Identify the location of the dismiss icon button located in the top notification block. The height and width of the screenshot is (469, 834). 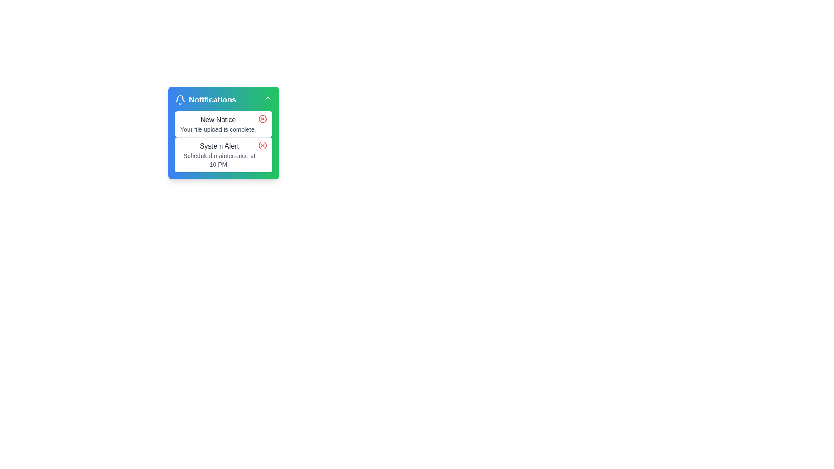
(262, 119).